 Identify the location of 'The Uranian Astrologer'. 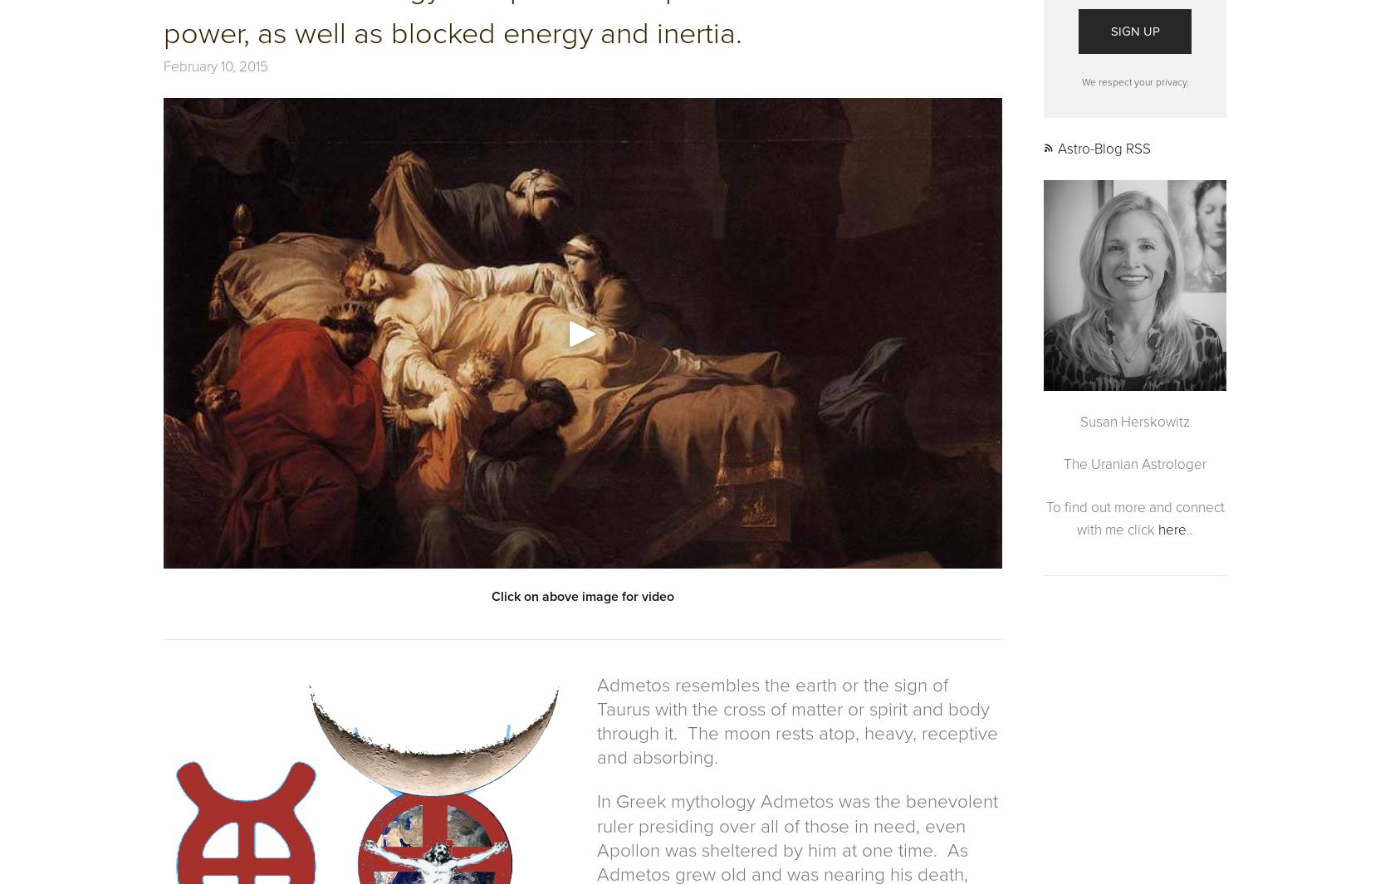
(1133, 464).